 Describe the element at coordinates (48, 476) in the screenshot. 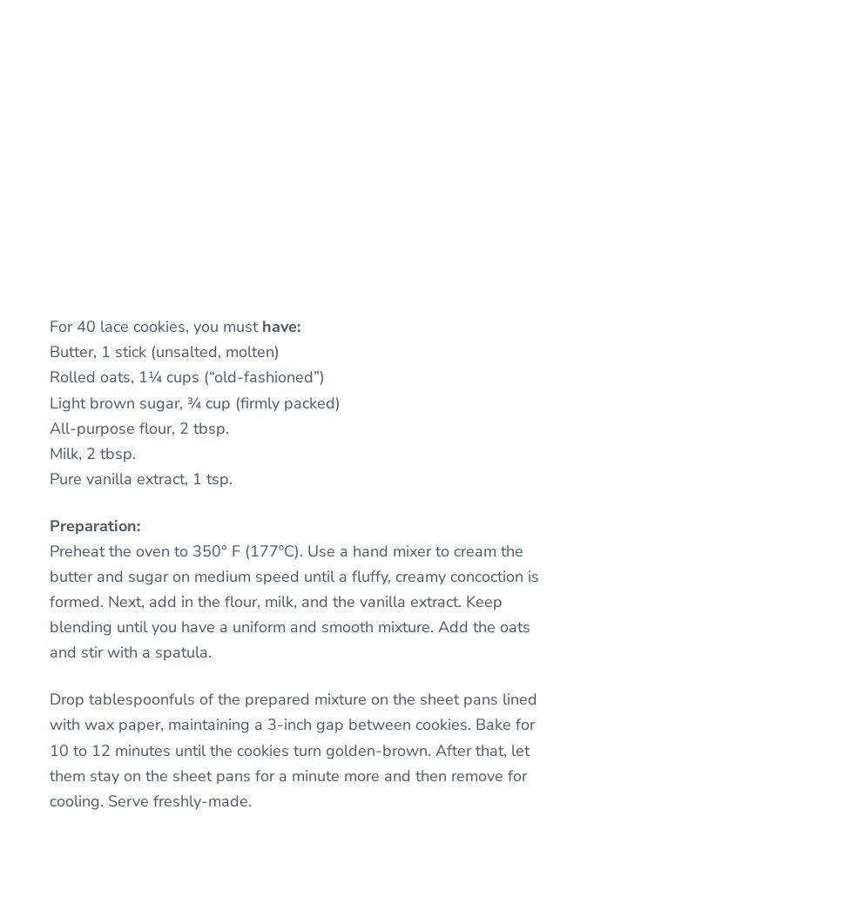

I see `'Pure vanilla extract, 1 tsp.'` at that location.